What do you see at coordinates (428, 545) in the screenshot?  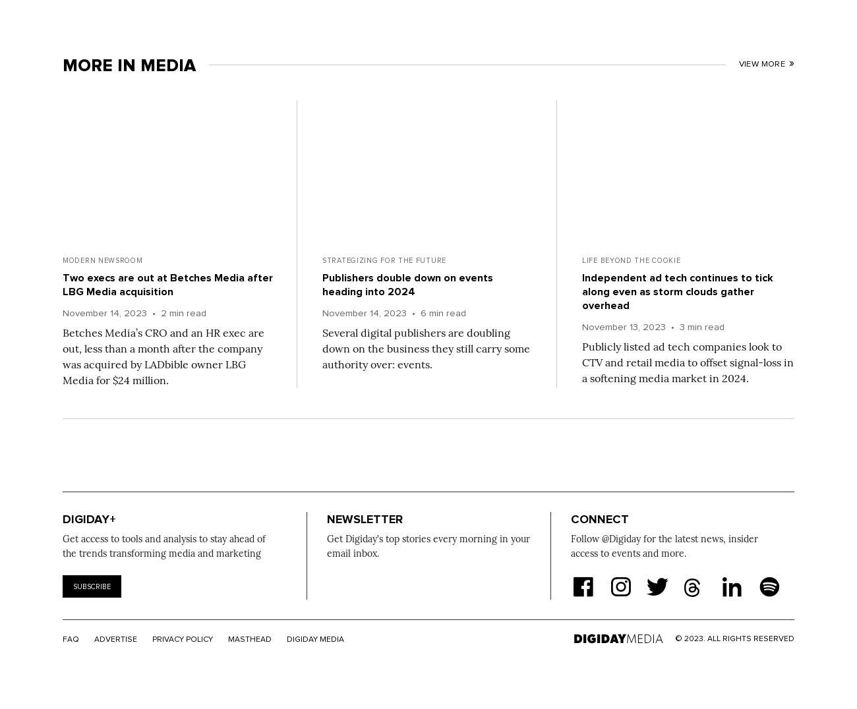 I see `'Get Digiday's top stories every morning in your email inbox.'` at bounding box center [428, 545].